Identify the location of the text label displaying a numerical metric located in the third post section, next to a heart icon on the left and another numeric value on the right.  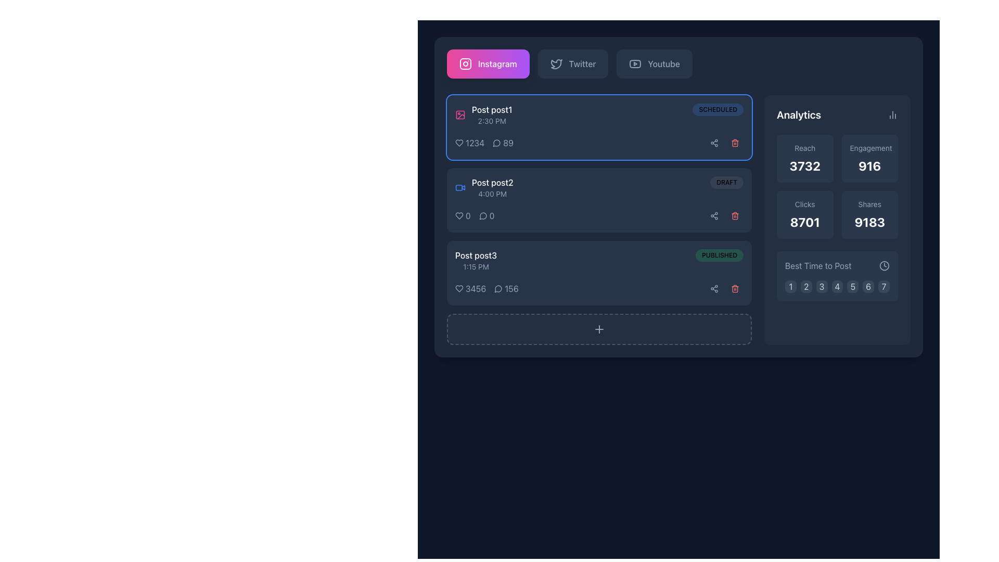
(475, 289).